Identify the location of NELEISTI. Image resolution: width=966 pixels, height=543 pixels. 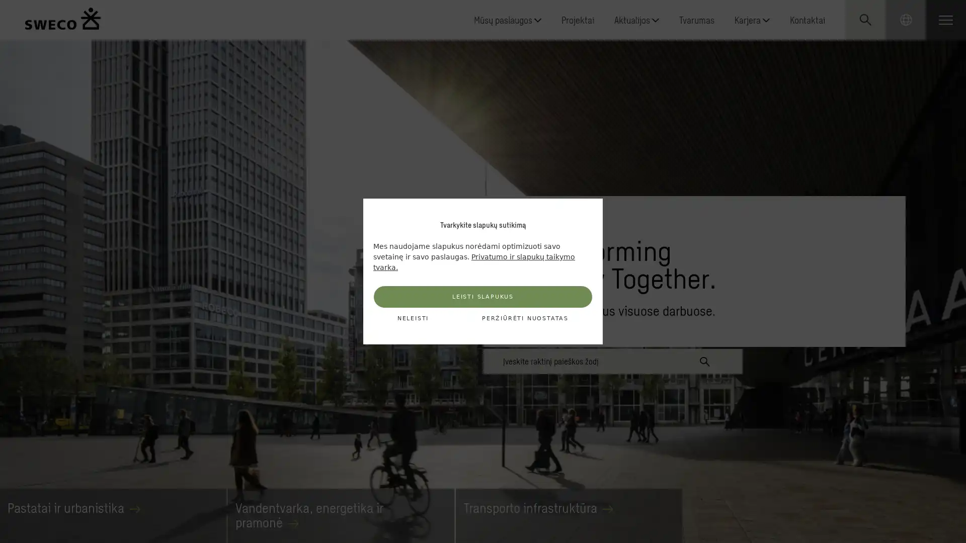
(413, 318).